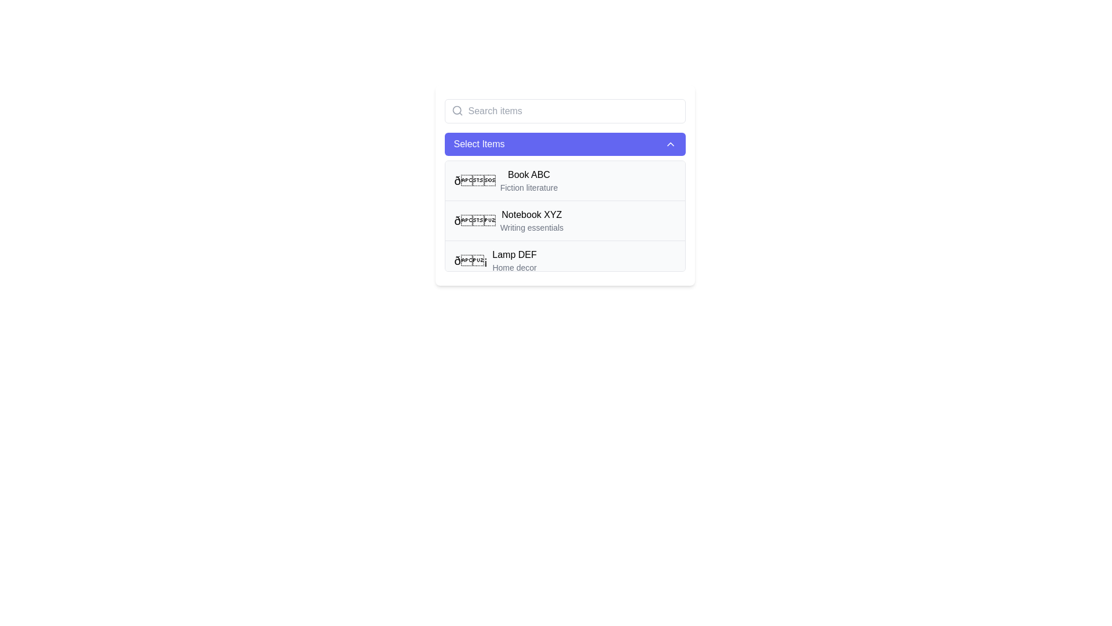  Describe the element at coordinates (456, 111) in the screenshot. I see `the search icon positioned inside the search bar input field on the left side, which serves as a visual indicator for the search functionality` at that location.